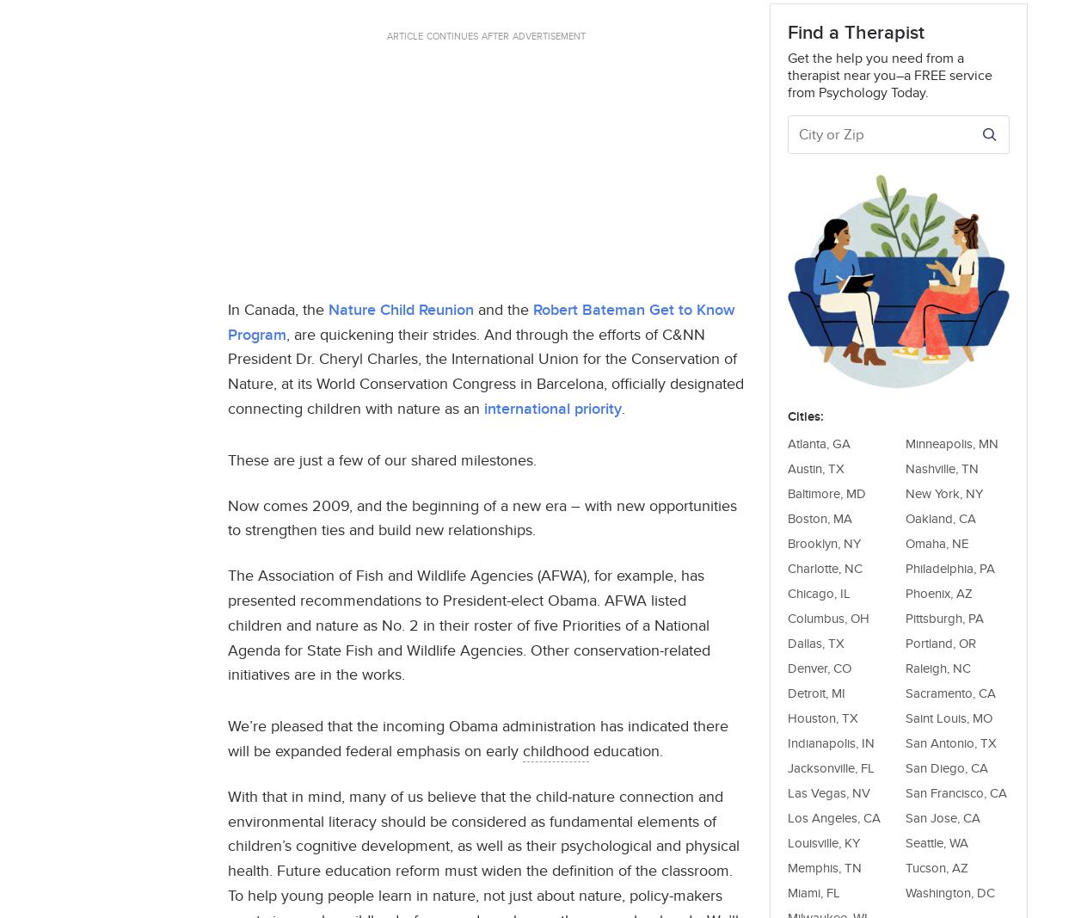 The image size is (1075, 918). I want to click on 'international priority', so click(483, 408).